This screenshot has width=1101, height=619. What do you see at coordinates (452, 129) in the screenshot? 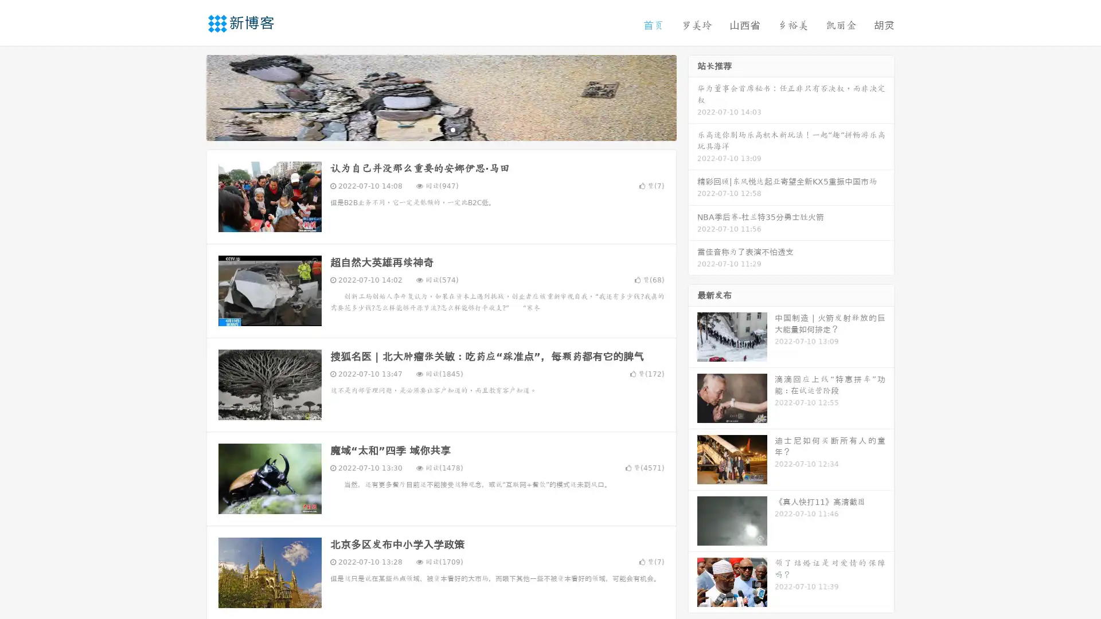
I see `Go to slide 3` at bounding box center [452, 129].